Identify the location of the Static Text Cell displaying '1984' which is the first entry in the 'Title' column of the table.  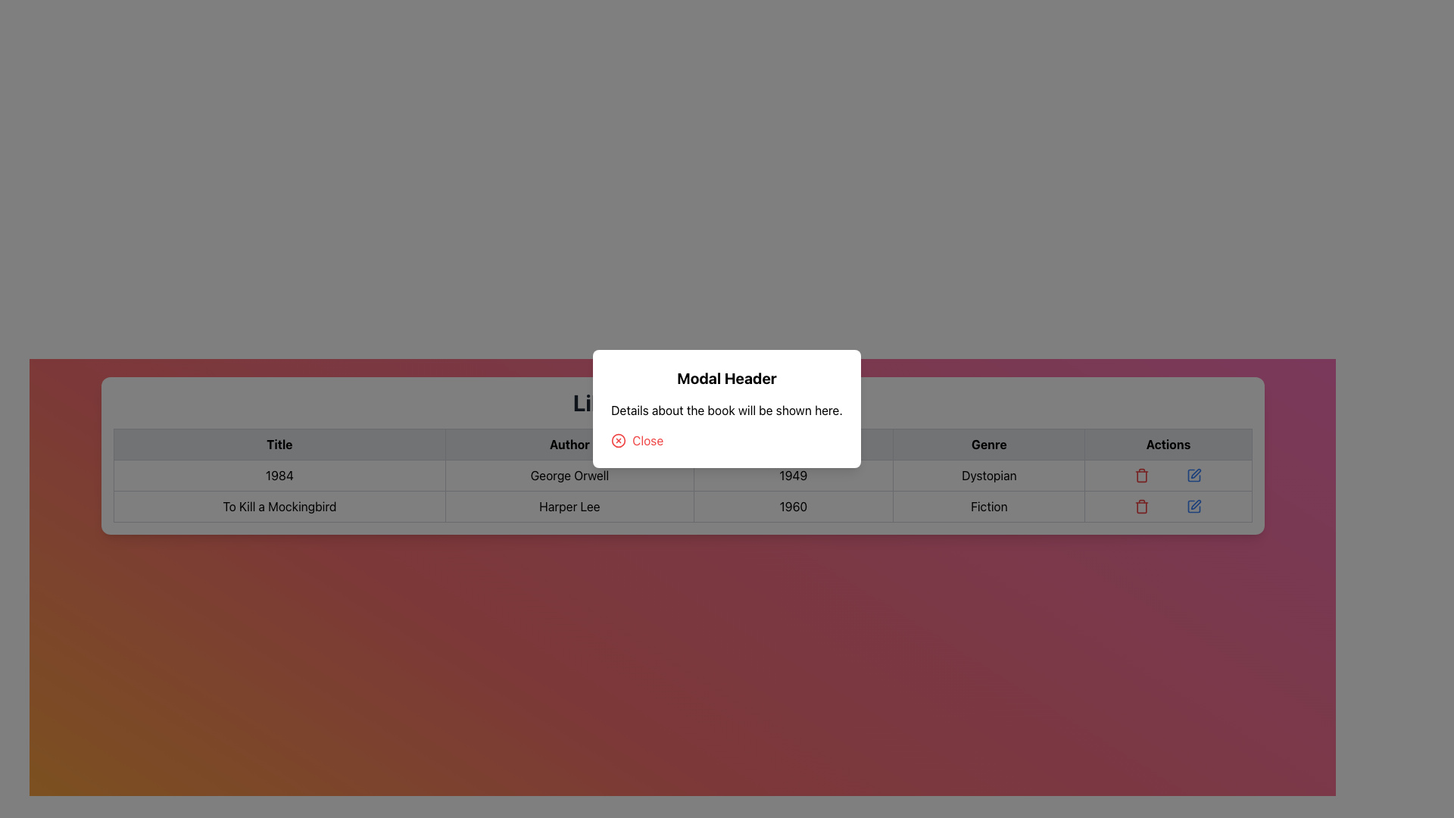
(279, 475).